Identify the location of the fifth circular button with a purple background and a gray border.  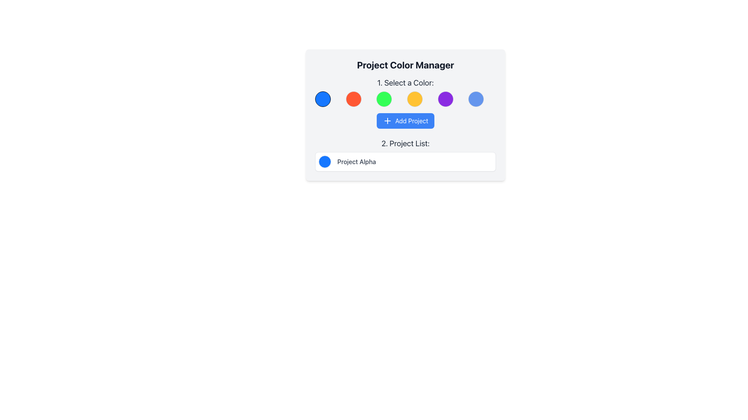
(445, 98).